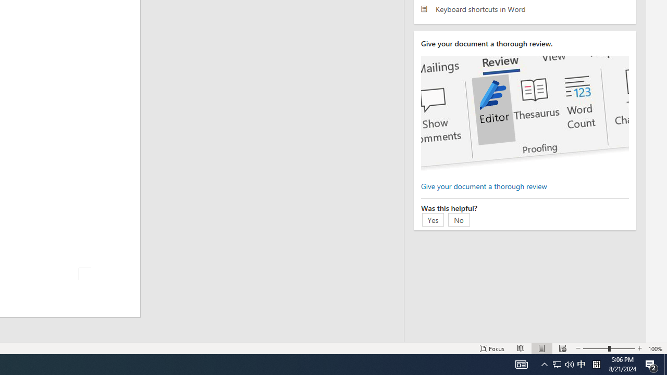 The width and height of the screenshot is (667, 375). What do you see at coordinates (655, 348) in the screenshot?
I see `'Zoom 100%'` at bounding box center [655, 348].